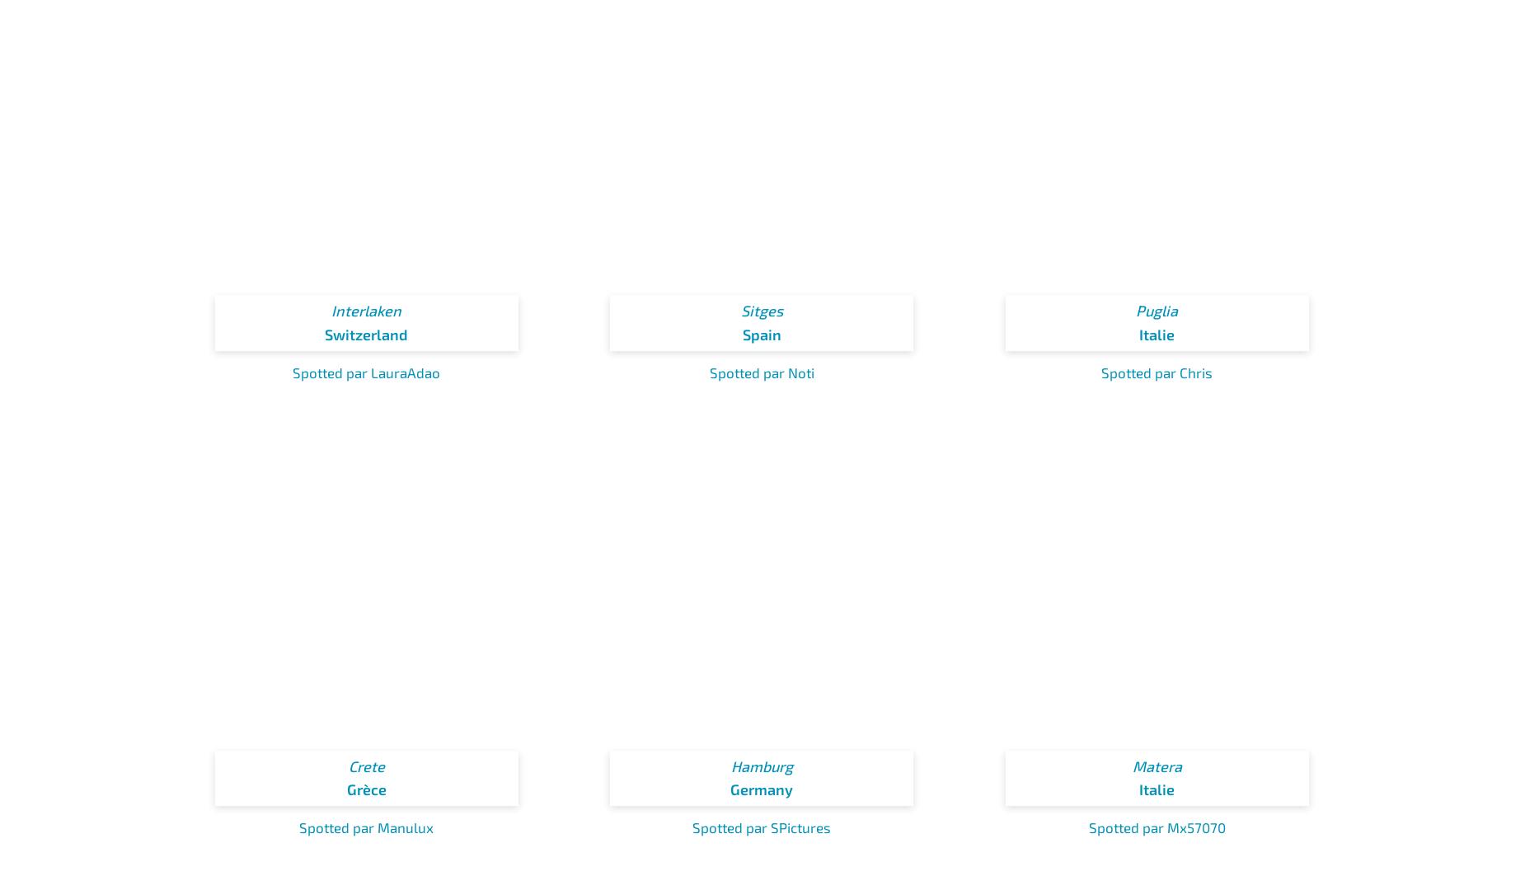 Image resolution: width=1525 pixels, height=885 pixels. What do you see at coordinates (761, 334) in the screenshot?
I see `'Spain'` at bounding box center [761, 334].